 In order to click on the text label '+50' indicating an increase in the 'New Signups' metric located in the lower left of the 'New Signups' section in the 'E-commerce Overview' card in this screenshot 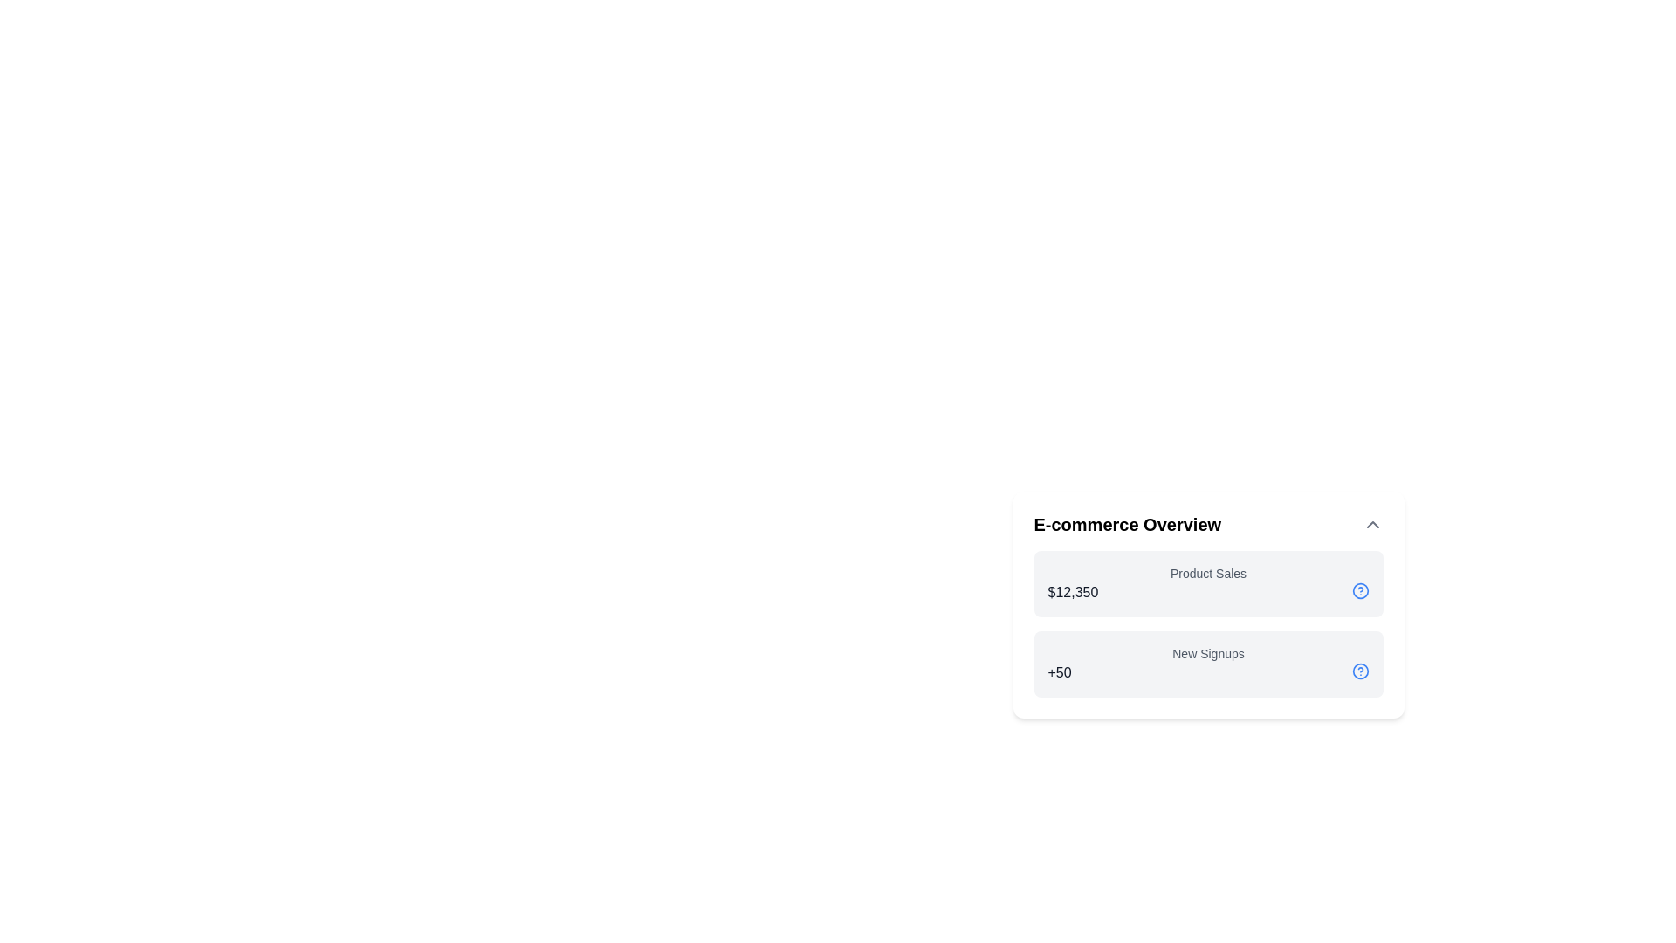, I will do `click(1059, 672)`.